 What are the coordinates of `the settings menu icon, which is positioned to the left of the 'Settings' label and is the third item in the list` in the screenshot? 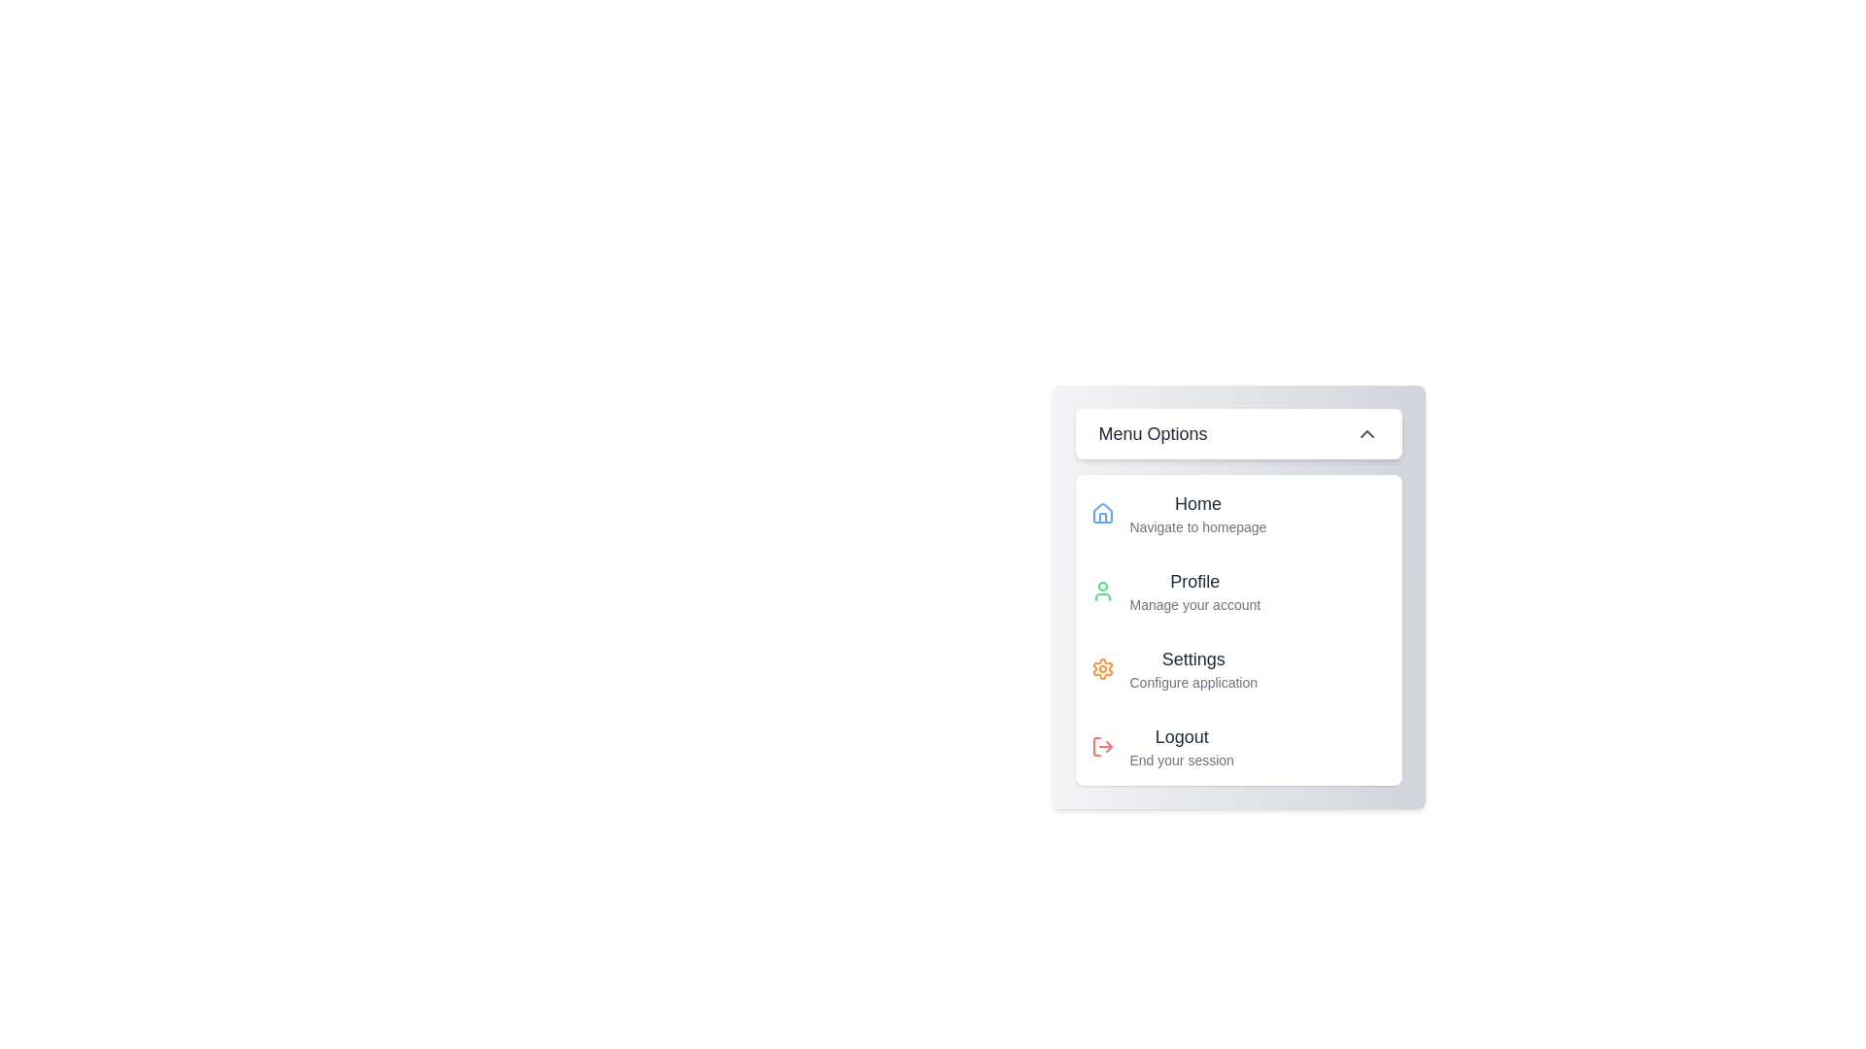 It's located at (1102, 668).